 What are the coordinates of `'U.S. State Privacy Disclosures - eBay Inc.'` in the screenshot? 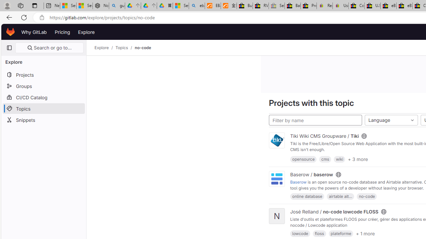 It's located at (372, 6).